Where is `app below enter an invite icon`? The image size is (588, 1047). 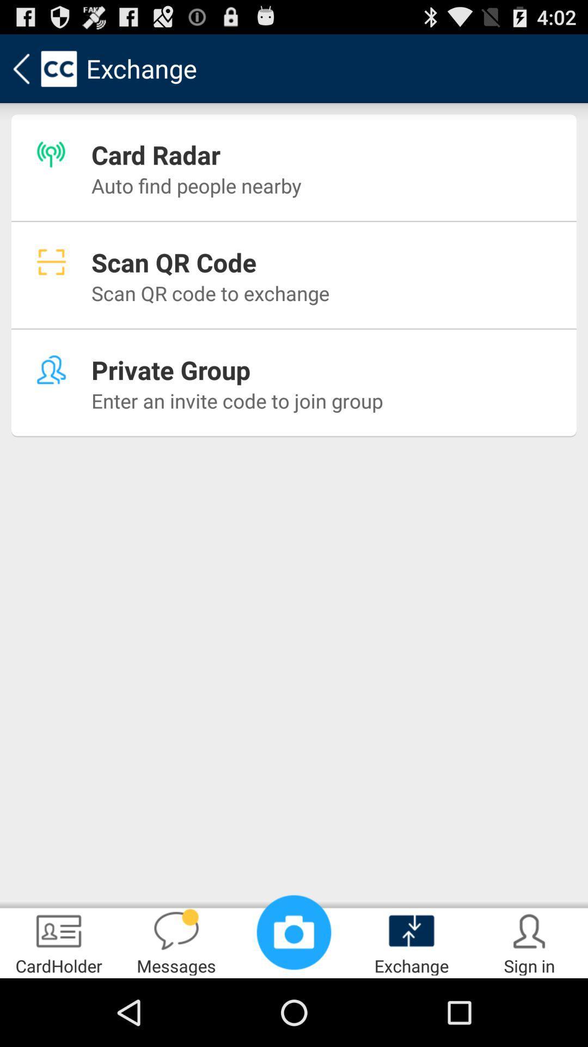 app below enter an invite icon is located at coordinates (59, 941).